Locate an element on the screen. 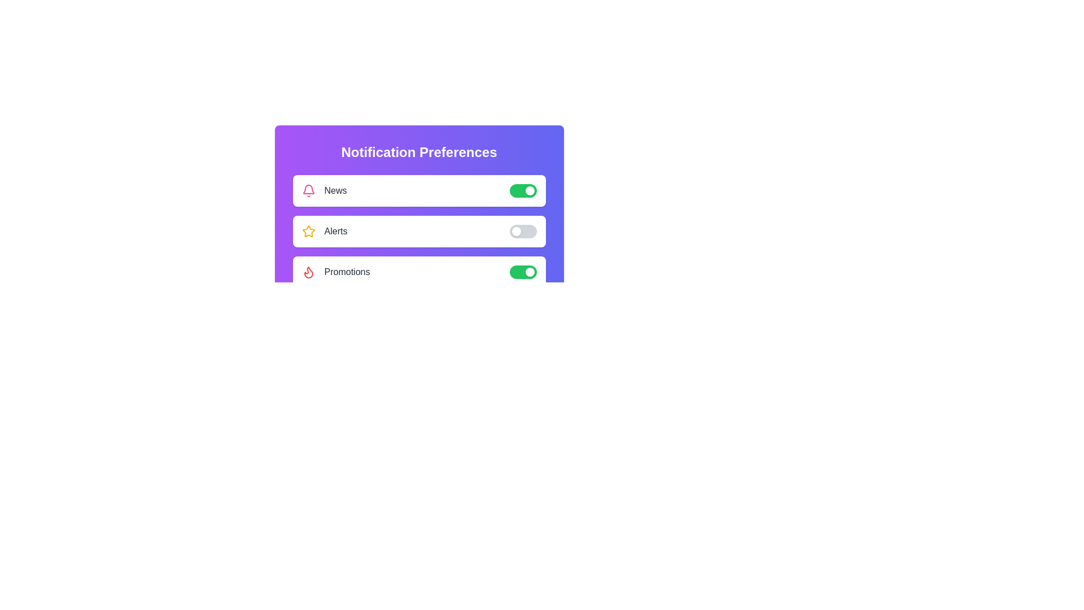  the text News in the component is located at coordinates (418, 190).